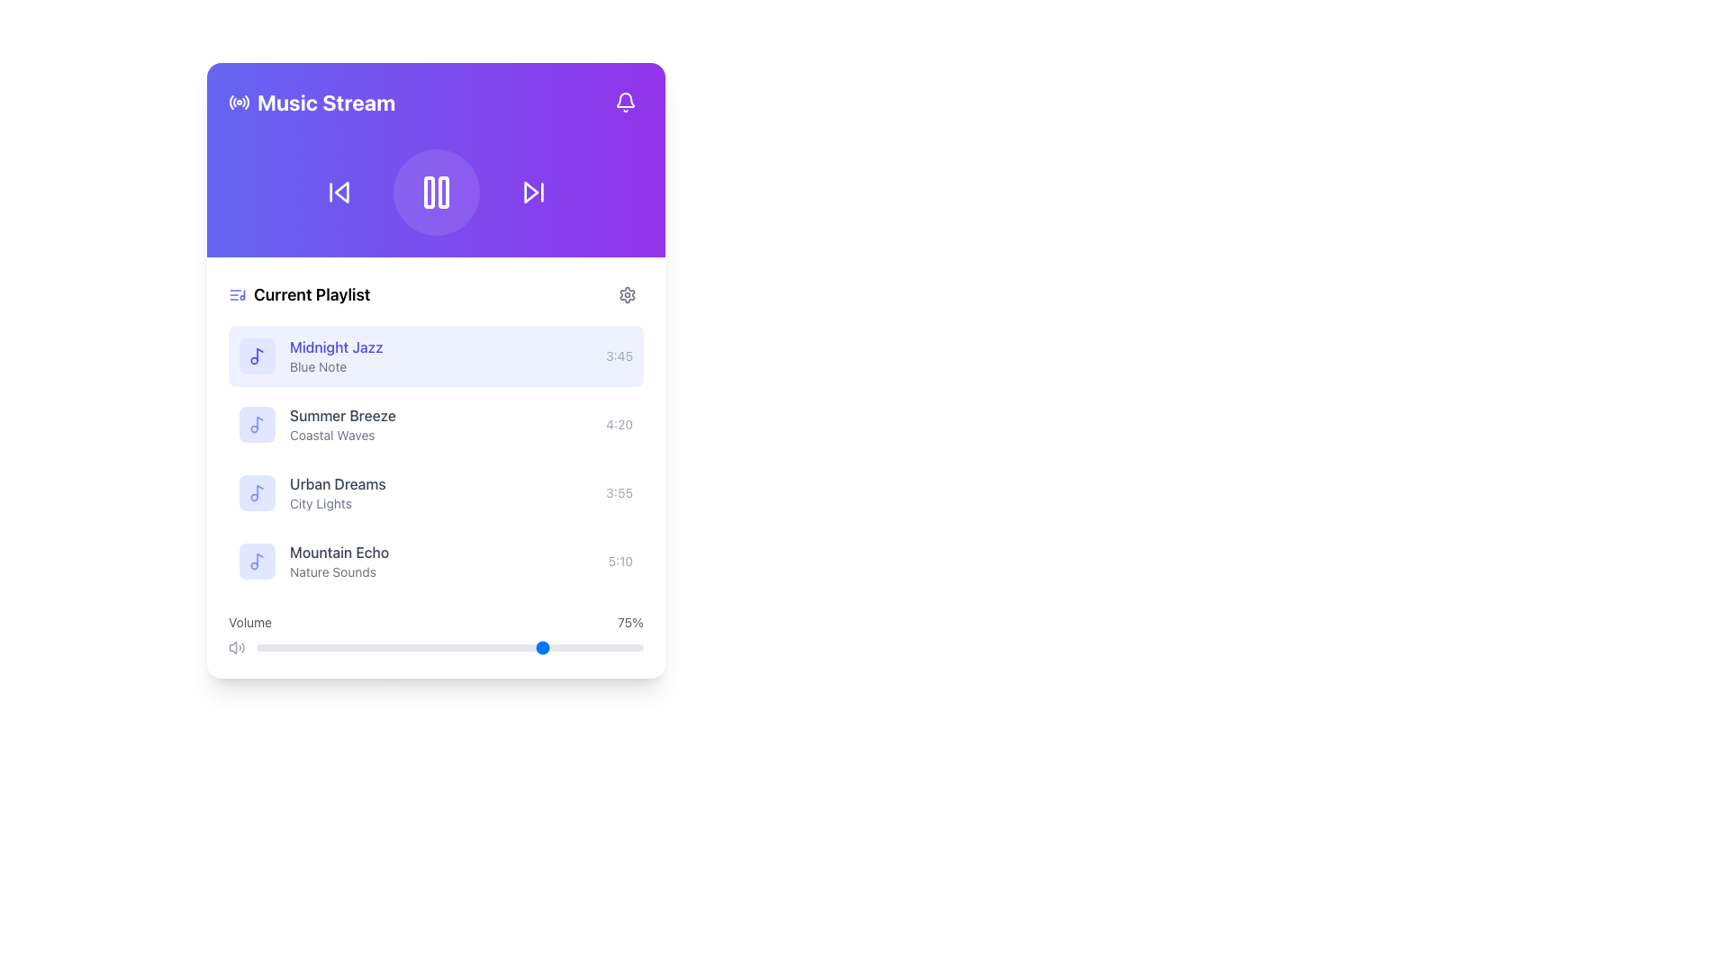 The height and width of the screenshot is (972, 1729). I want to click on the distinct indigo-colored music note icon with a circular note head and stem, located in the top-left corner of the 'Midnight Jazz' playlist entry, so click(257, 356).